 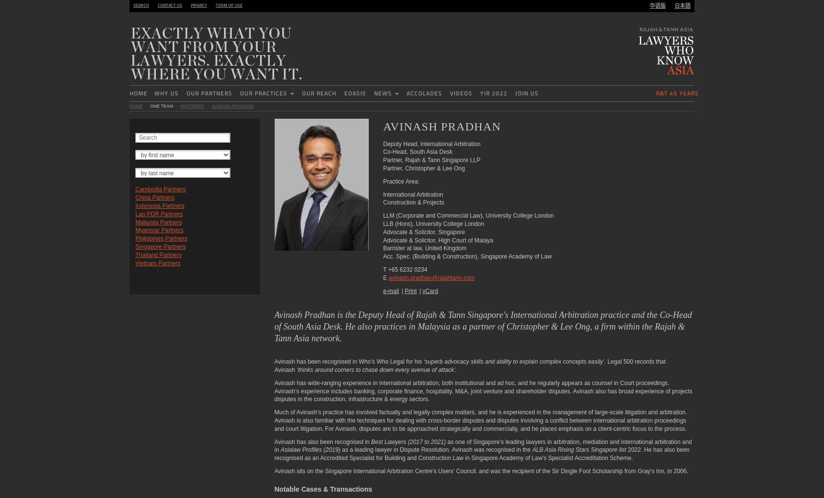 What do you see at coordinates (208, 93) in the screenshot?
I see `'Our Partners'` at bounding box center [208, 93].